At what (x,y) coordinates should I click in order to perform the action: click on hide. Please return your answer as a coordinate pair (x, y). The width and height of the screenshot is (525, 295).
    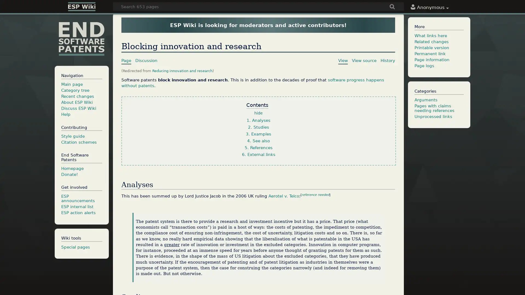
    Looking at the image, I should click on (258, 113).